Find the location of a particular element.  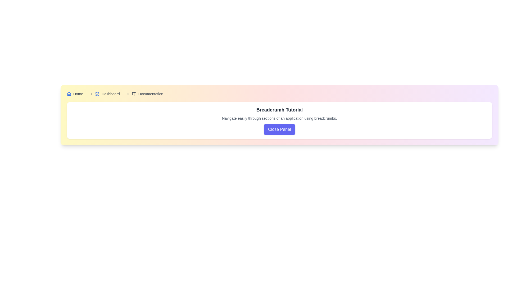

the 'Dashboard' interactive hyperlink, which is styled as blue text with an underline effect, located in the breadcrumb navigation bar between 'Home' and 'Documentation' is located at coordinates (103, 93).